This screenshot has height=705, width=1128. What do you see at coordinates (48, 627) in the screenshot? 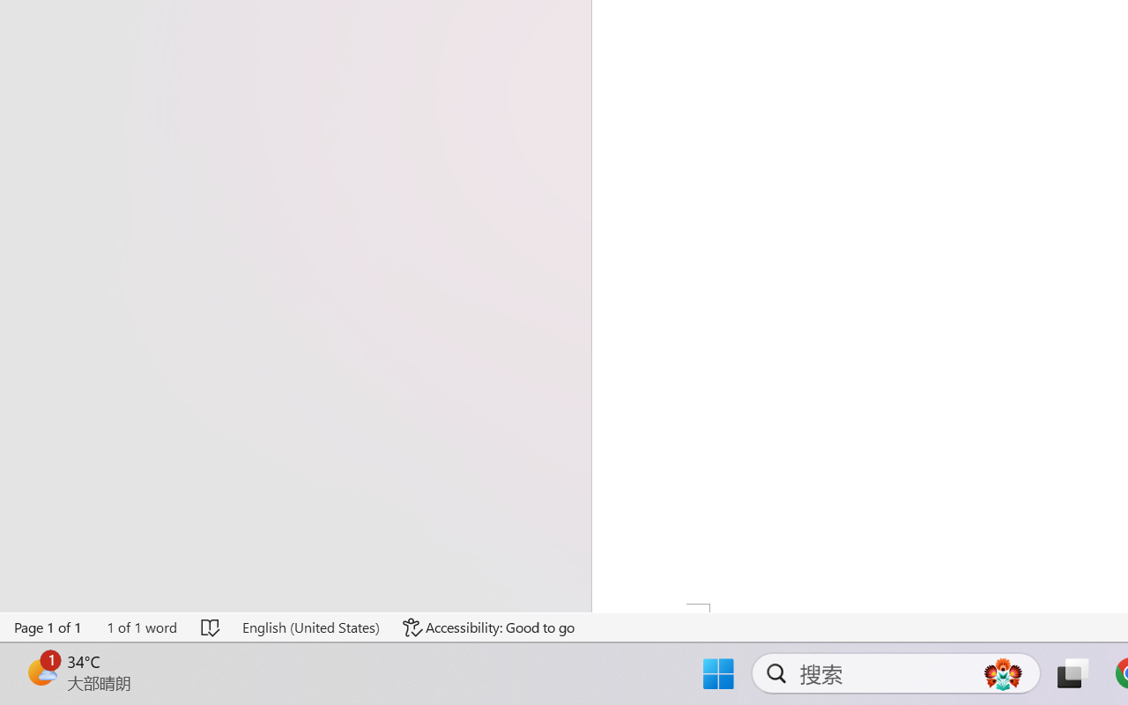
I see `'Page Number Page 1 of 1'` at bounding box center [48, 627].